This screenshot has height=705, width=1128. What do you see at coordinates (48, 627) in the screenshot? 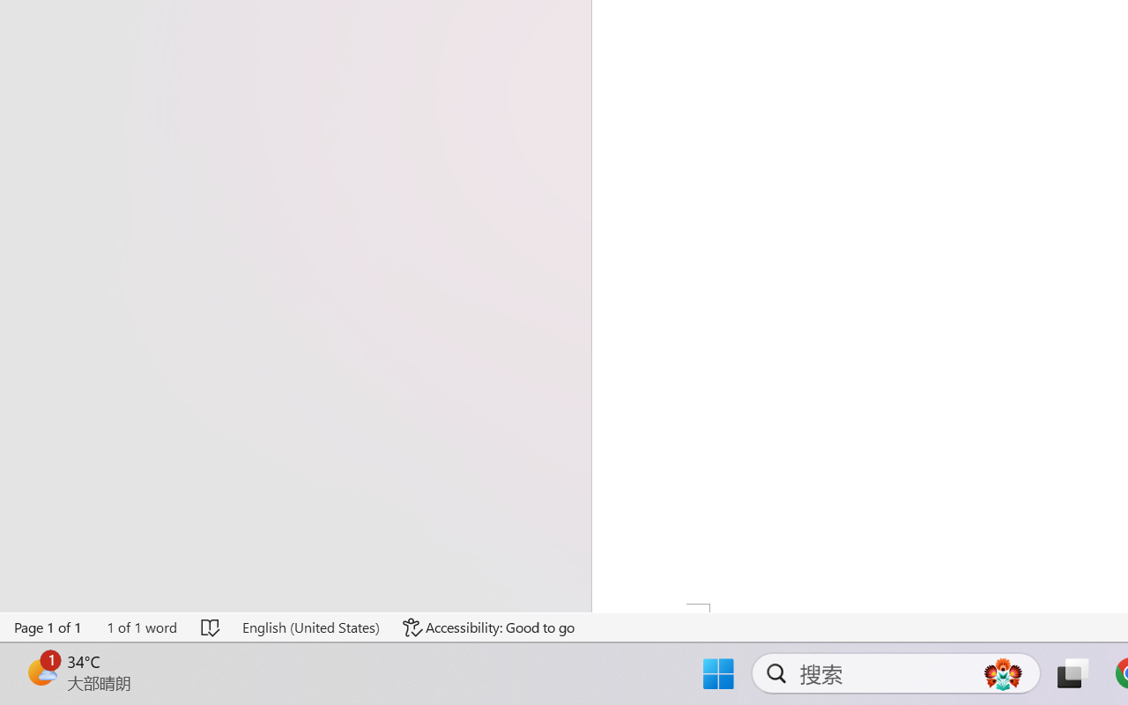
I see `'Page Number Page 1 of 1'` at bounding box center [48, 627].